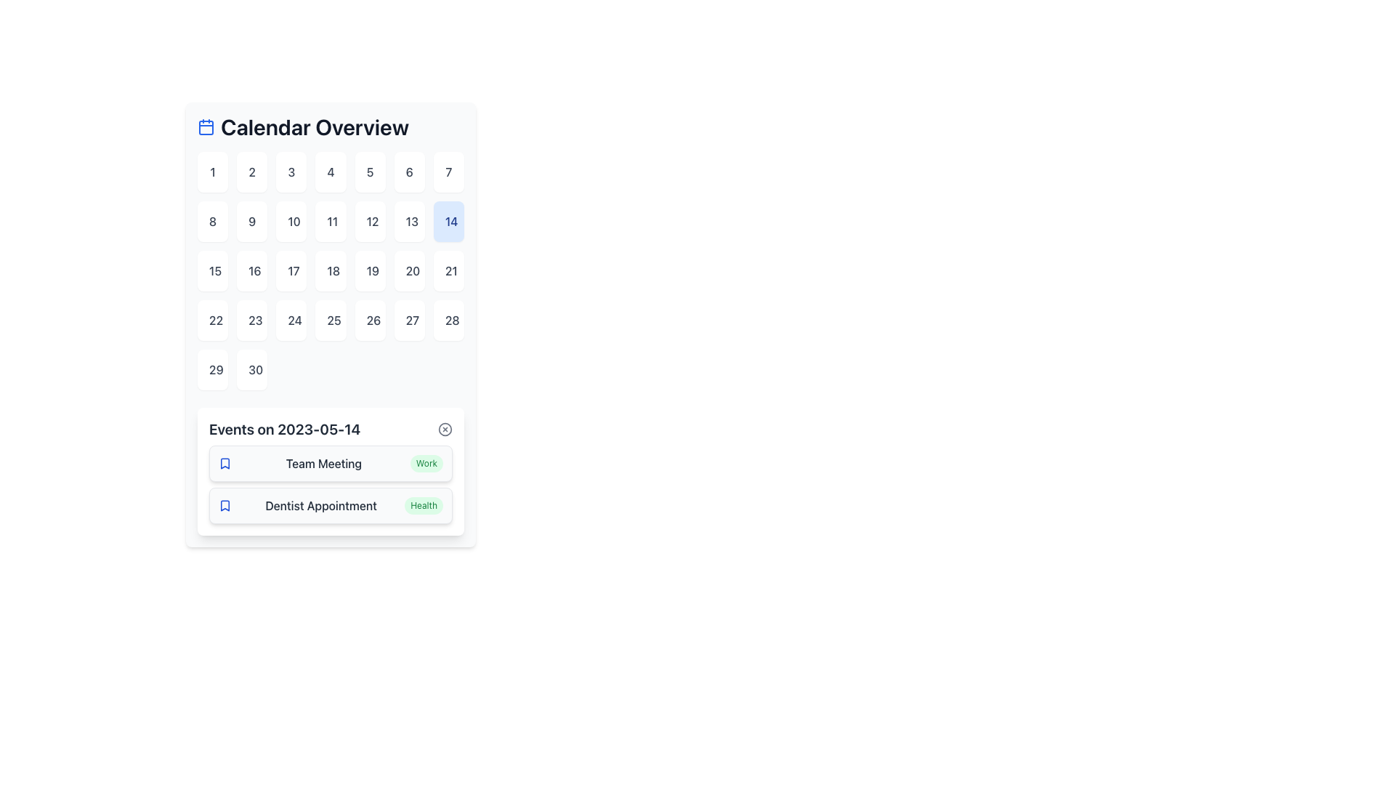 The height and width of the screenshot is (785, 1395). What do you see at coordinates (252, 271) in the screenshot?
I see `the square button with a white background and bold number '16'` at bounding box center [252, 271].